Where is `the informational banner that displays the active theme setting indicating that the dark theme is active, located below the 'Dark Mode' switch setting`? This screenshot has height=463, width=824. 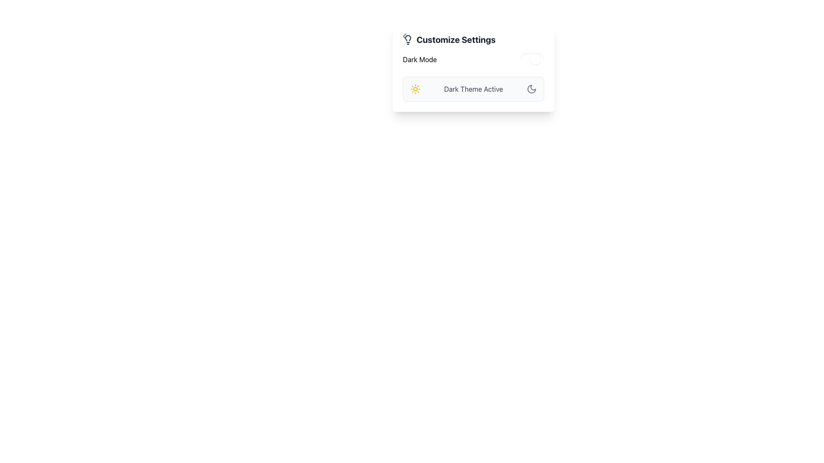 the informational banner that displays the active theme setting indicating that the dark theme is active, located below the 'Dark Mode' switch setting is located at coordinates (473, 89).